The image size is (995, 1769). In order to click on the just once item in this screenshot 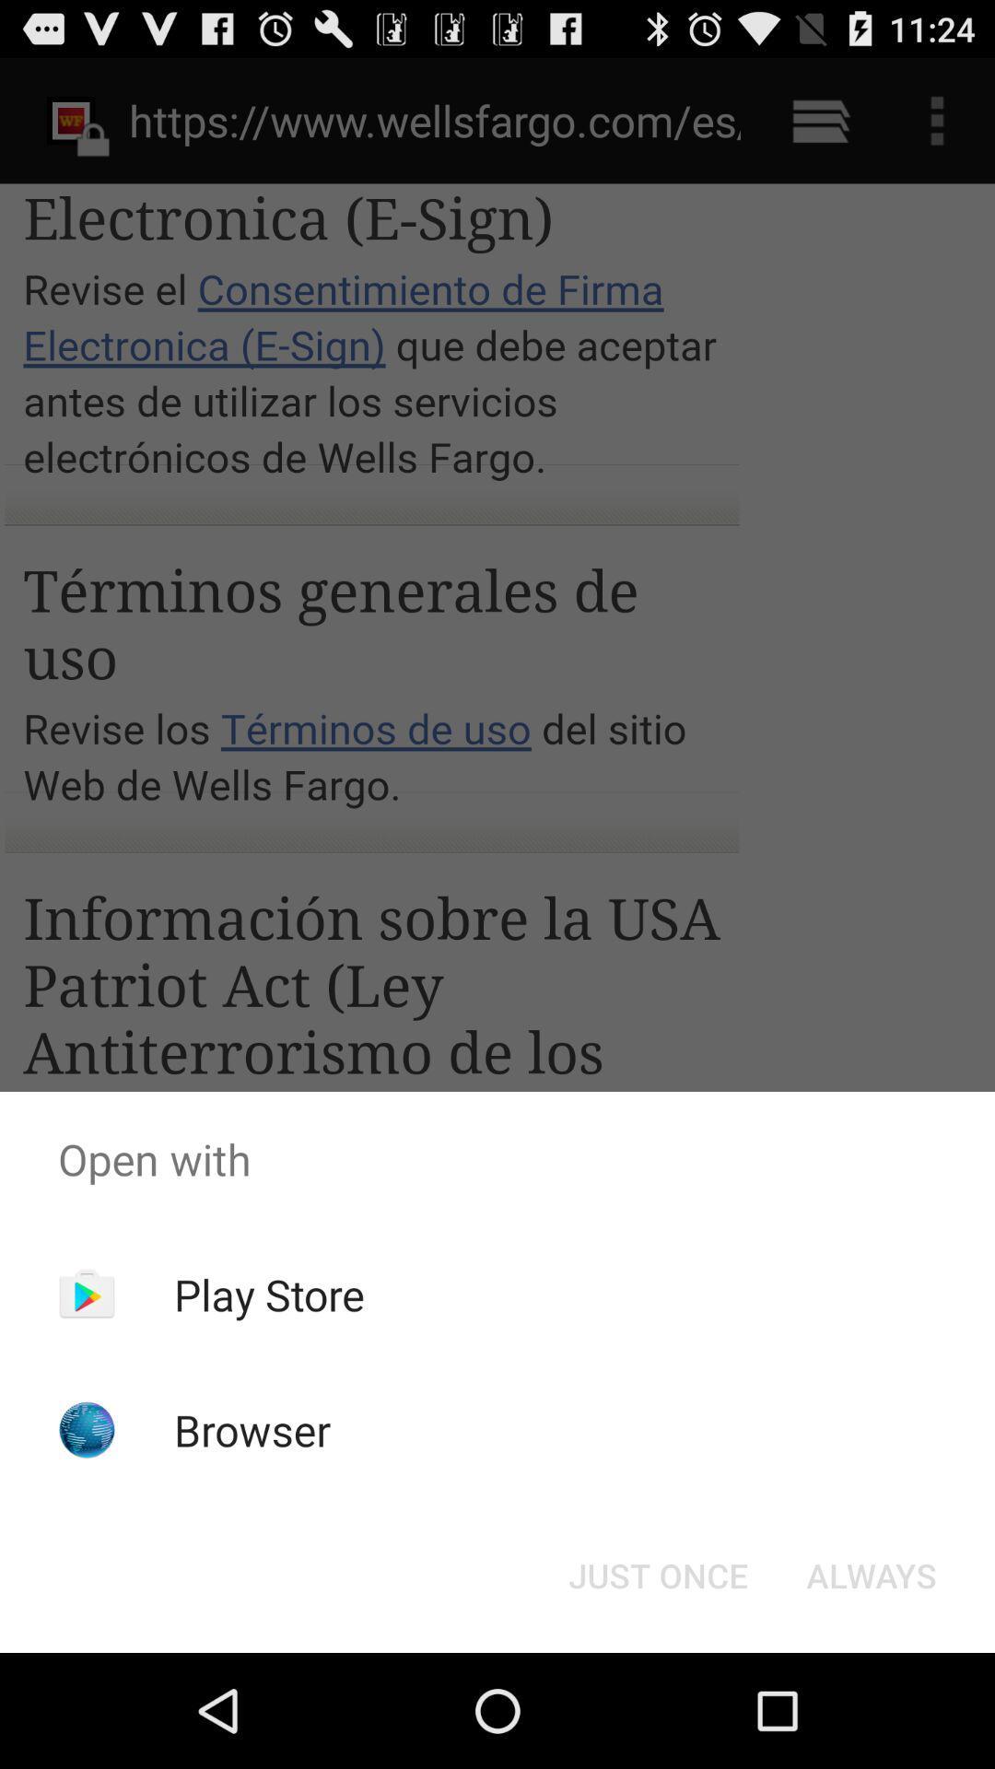, I will do `click(657, 1574)`.